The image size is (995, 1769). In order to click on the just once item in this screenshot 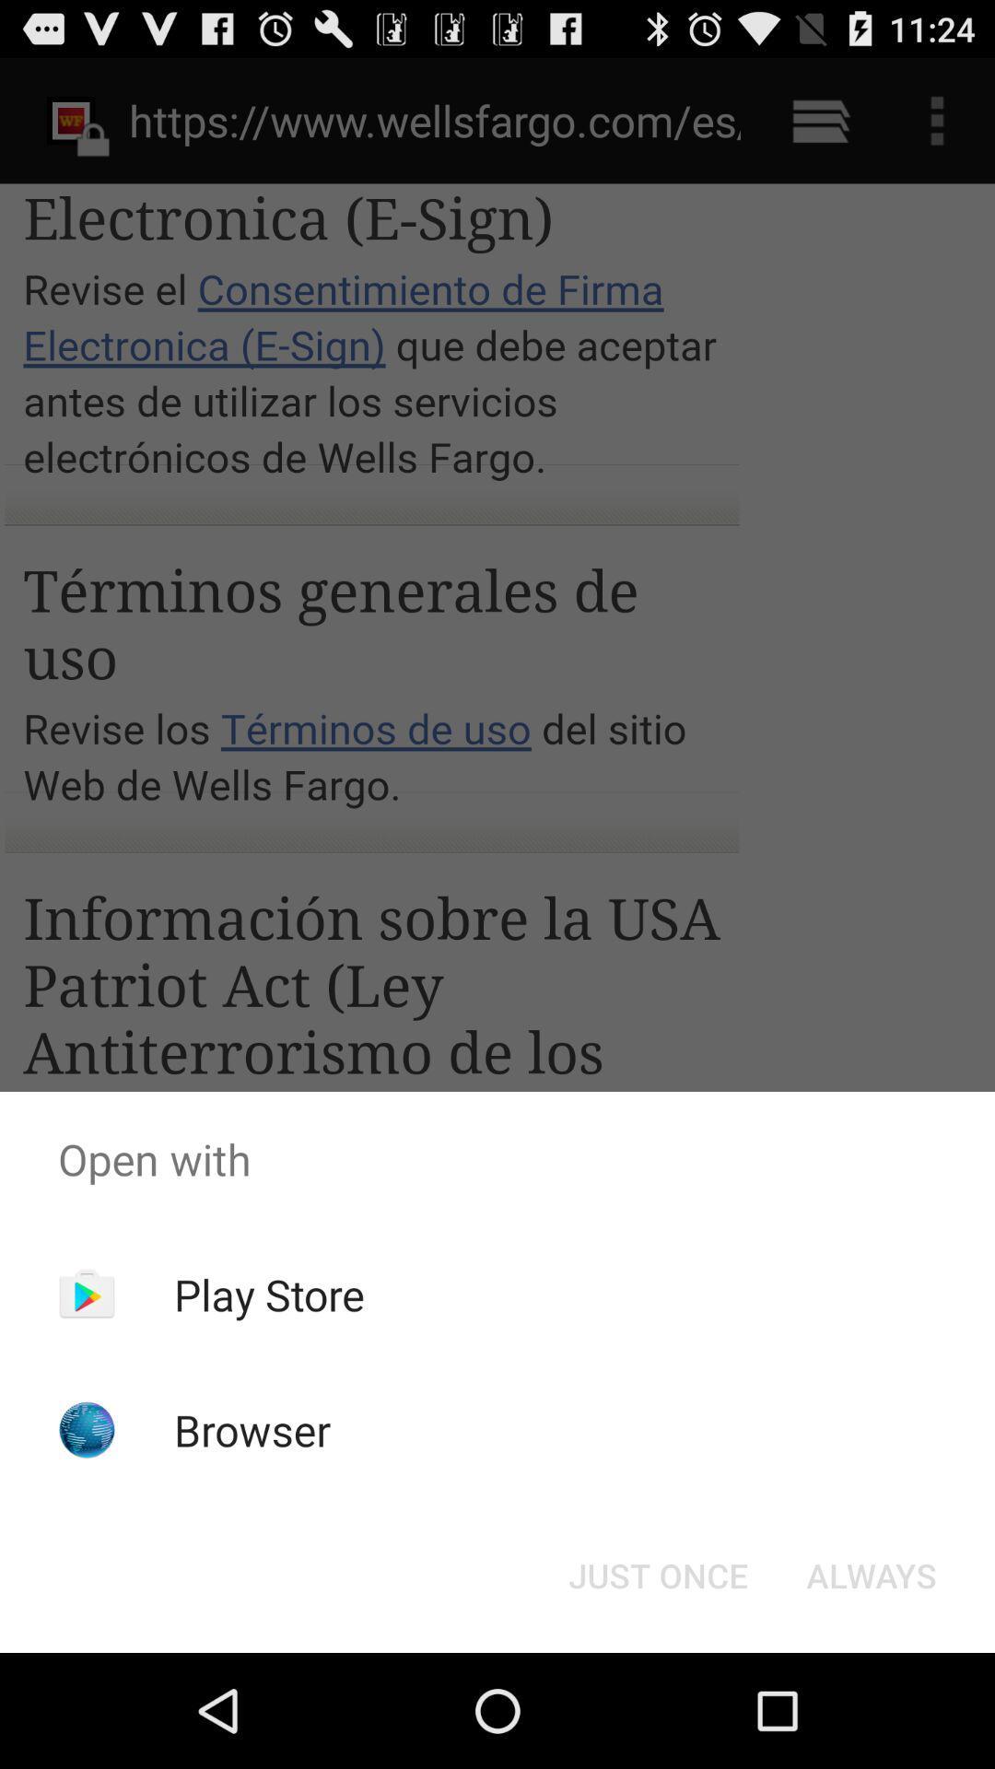, I will do `click(657, 1574)`.